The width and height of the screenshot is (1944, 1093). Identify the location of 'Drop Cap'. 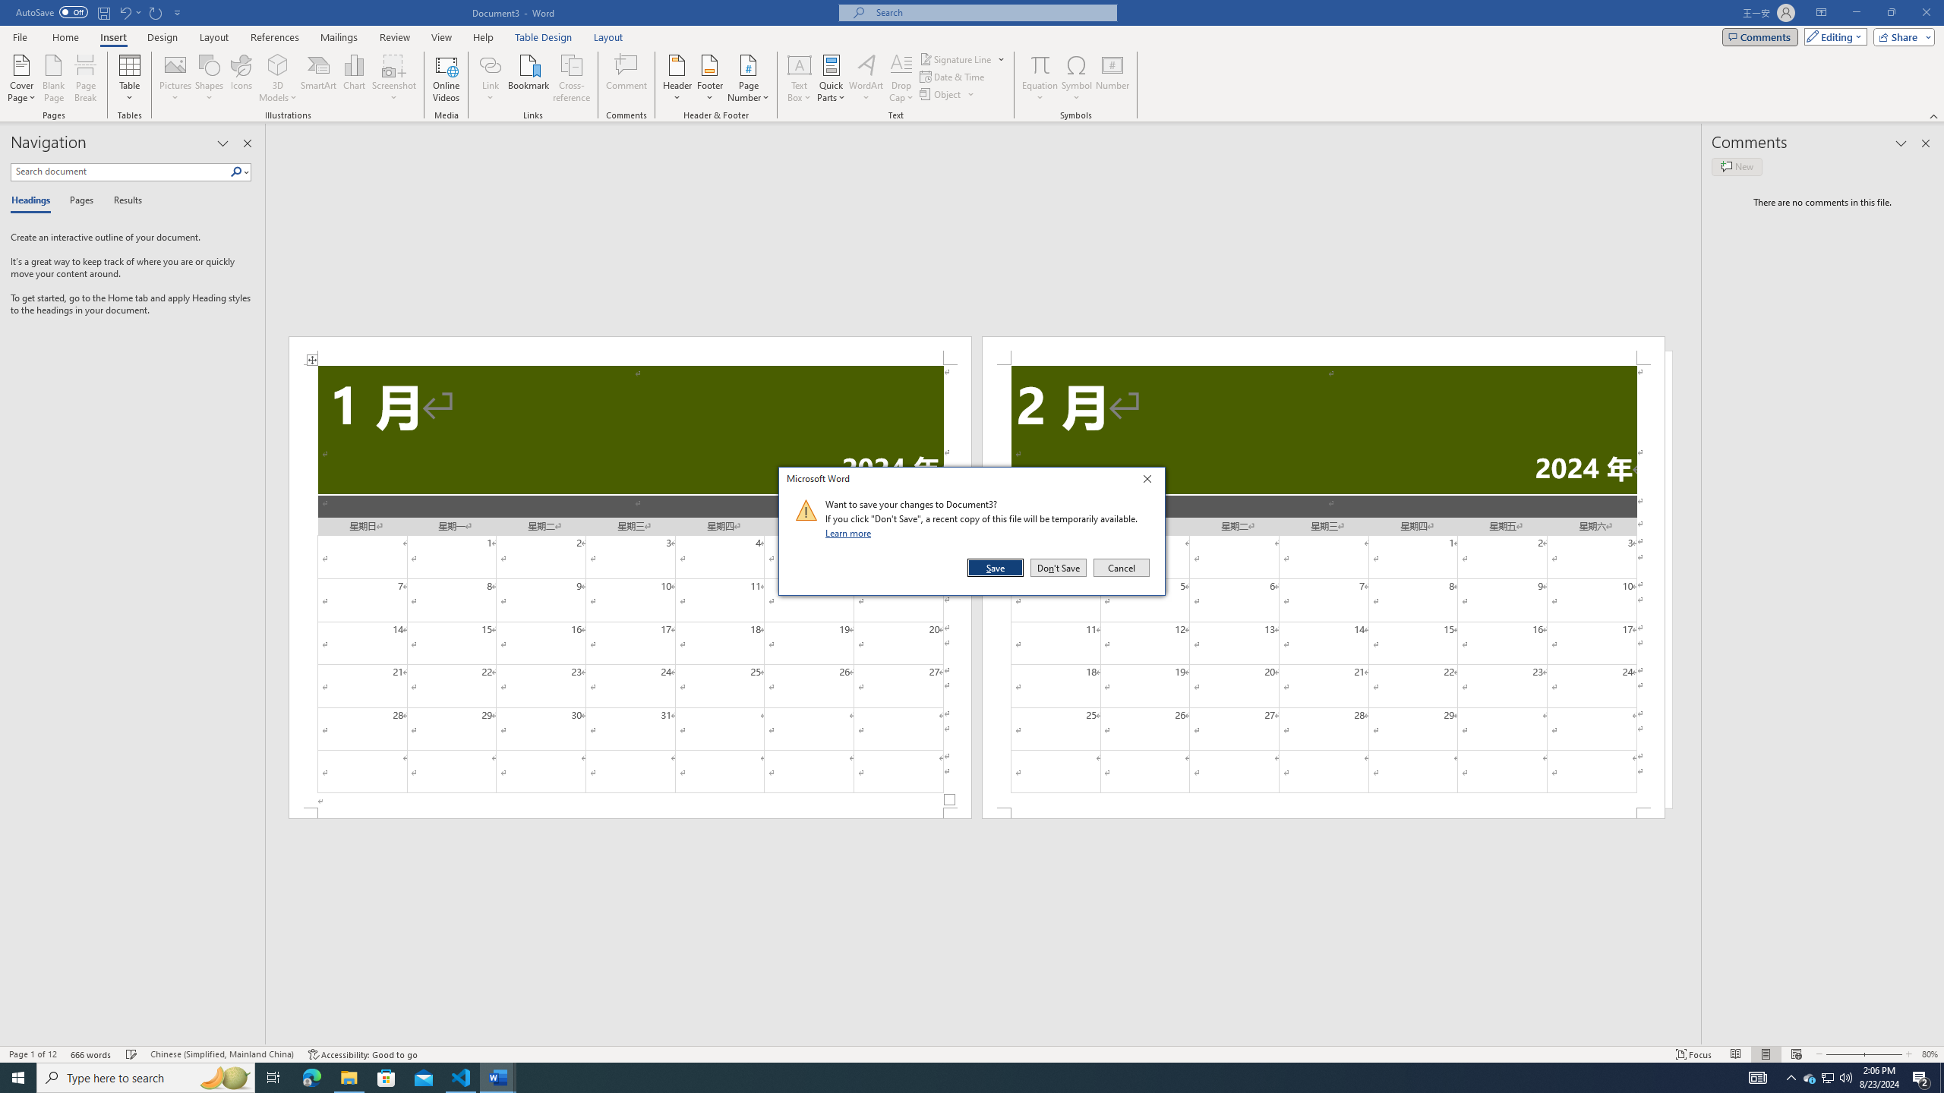
(901, 78).